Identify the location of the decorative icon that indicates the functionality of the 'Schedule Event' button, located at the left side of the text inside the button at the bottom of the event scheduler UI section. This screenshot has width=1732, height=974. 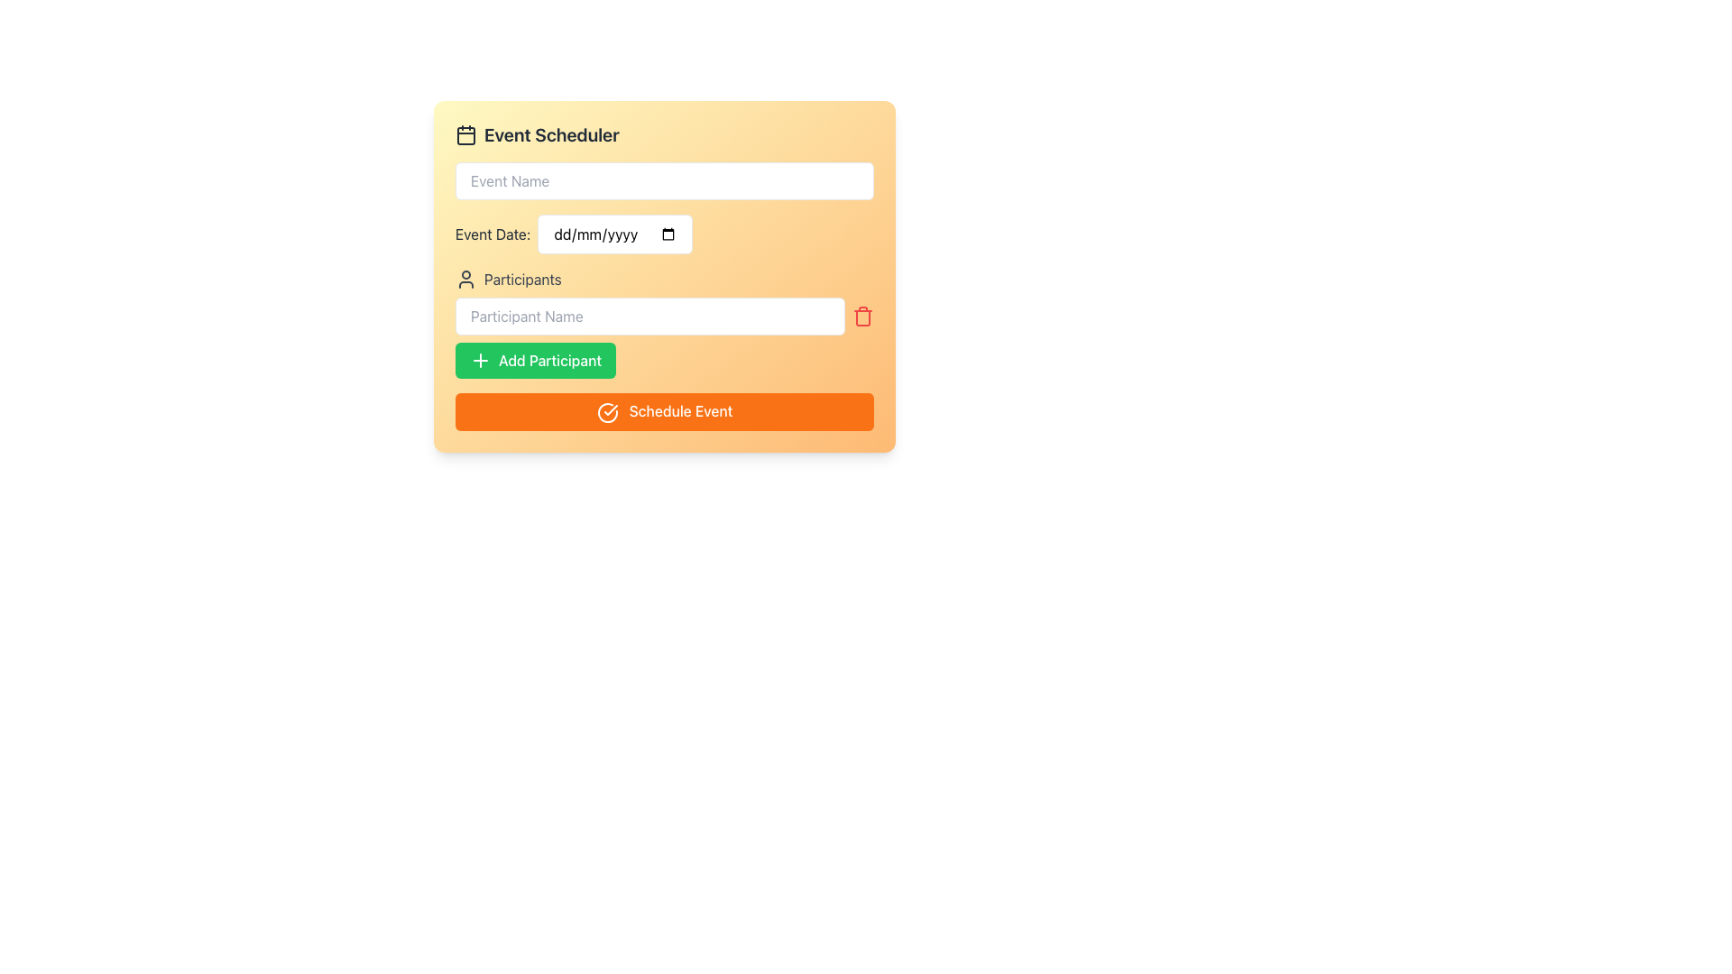
(607, 412).